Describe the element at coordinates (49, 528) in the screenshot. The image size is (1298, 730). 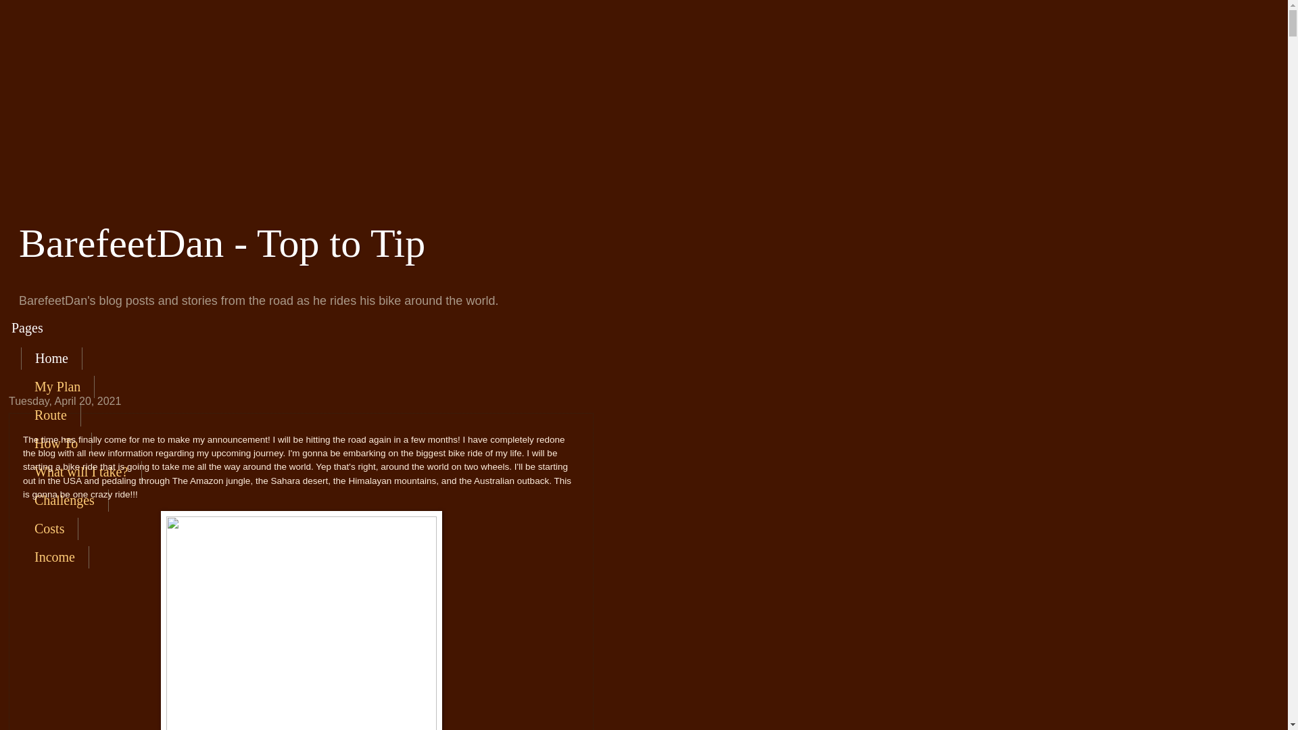
I see `'Costs'` at that location.